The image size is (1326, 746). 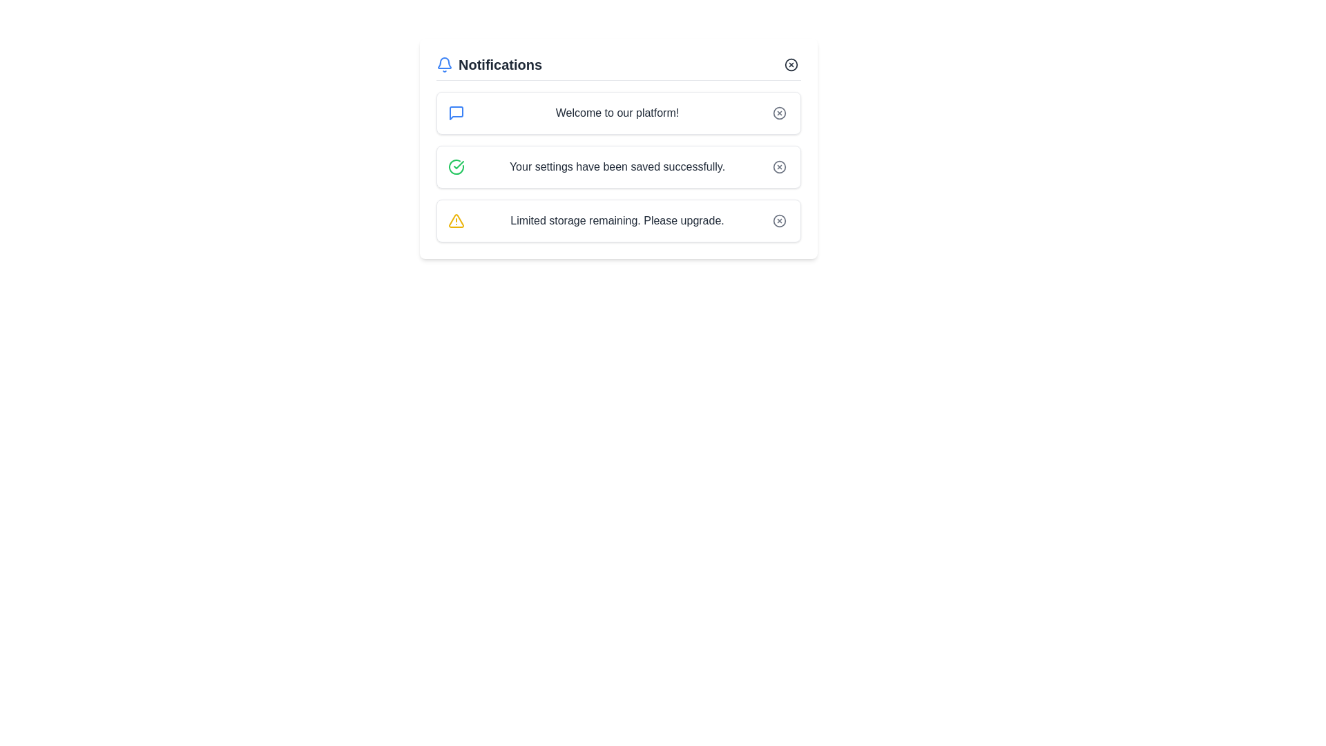 I want to click on the warning icon located in the lower section of the notification panel, so click(x=457, y=220).